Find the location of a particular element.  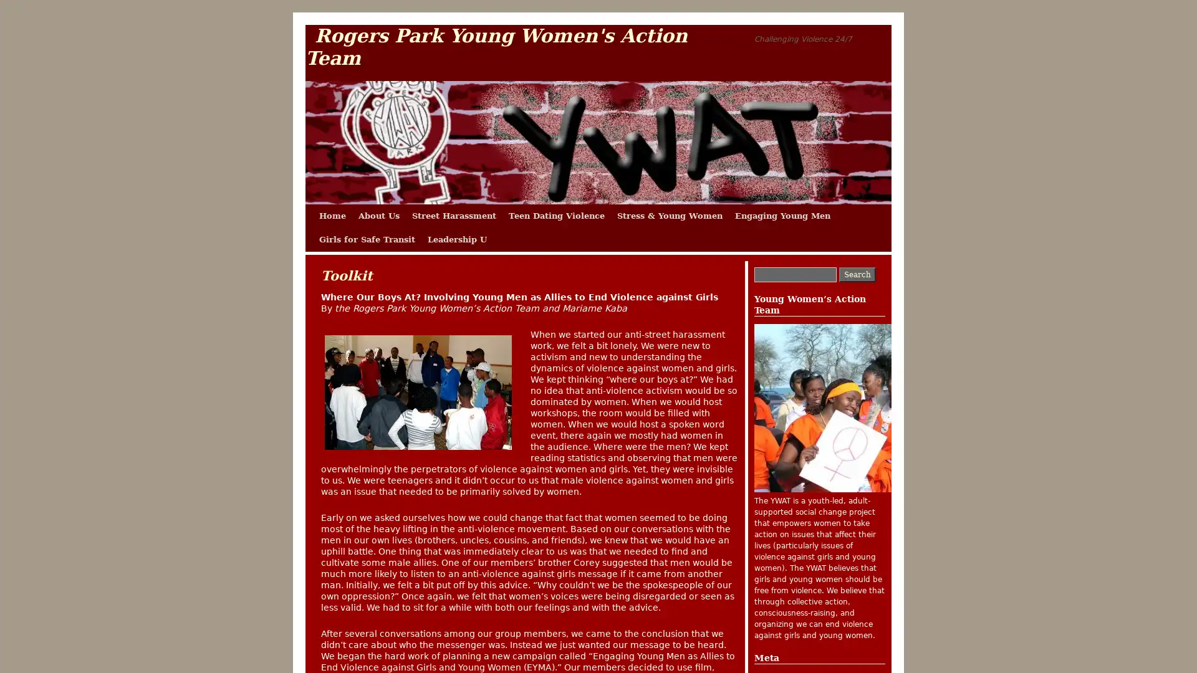

Search is located at coordinates (857, 274).